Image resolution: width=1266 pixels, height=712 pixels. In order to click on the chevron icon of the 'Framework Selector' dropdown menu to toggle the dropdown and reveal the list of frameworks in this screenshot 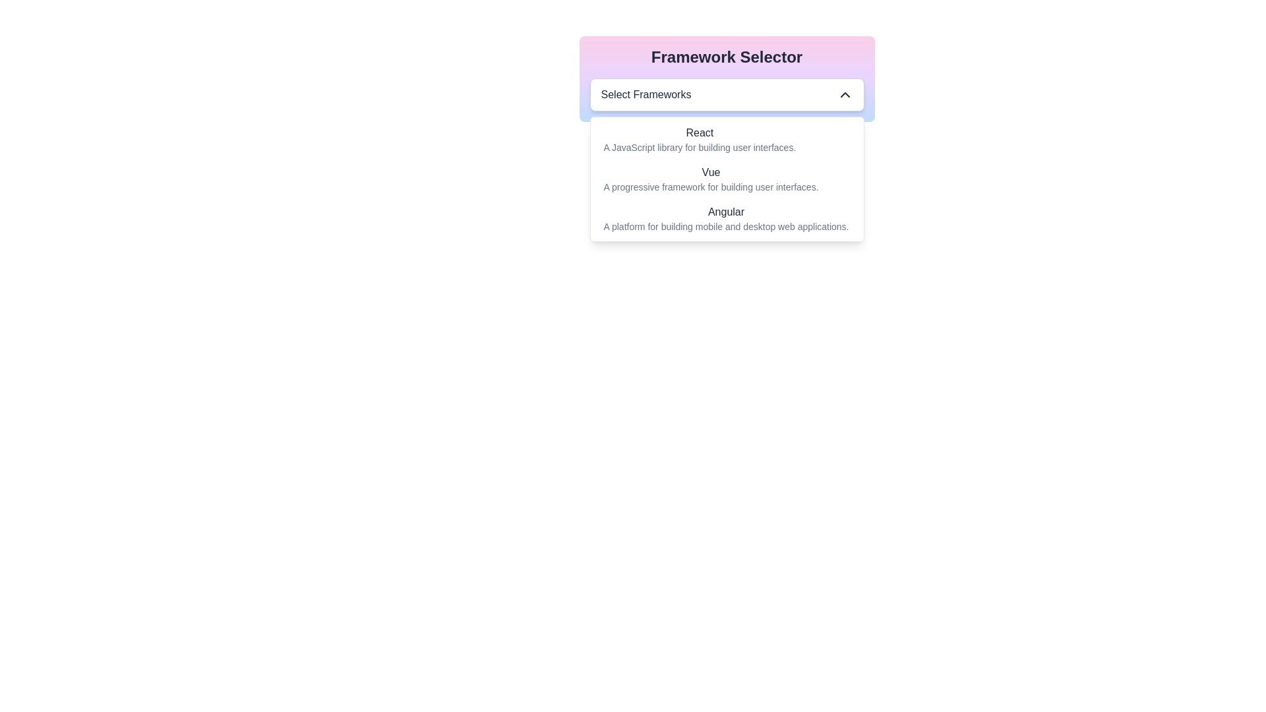, I will do `click(726, 78)`.